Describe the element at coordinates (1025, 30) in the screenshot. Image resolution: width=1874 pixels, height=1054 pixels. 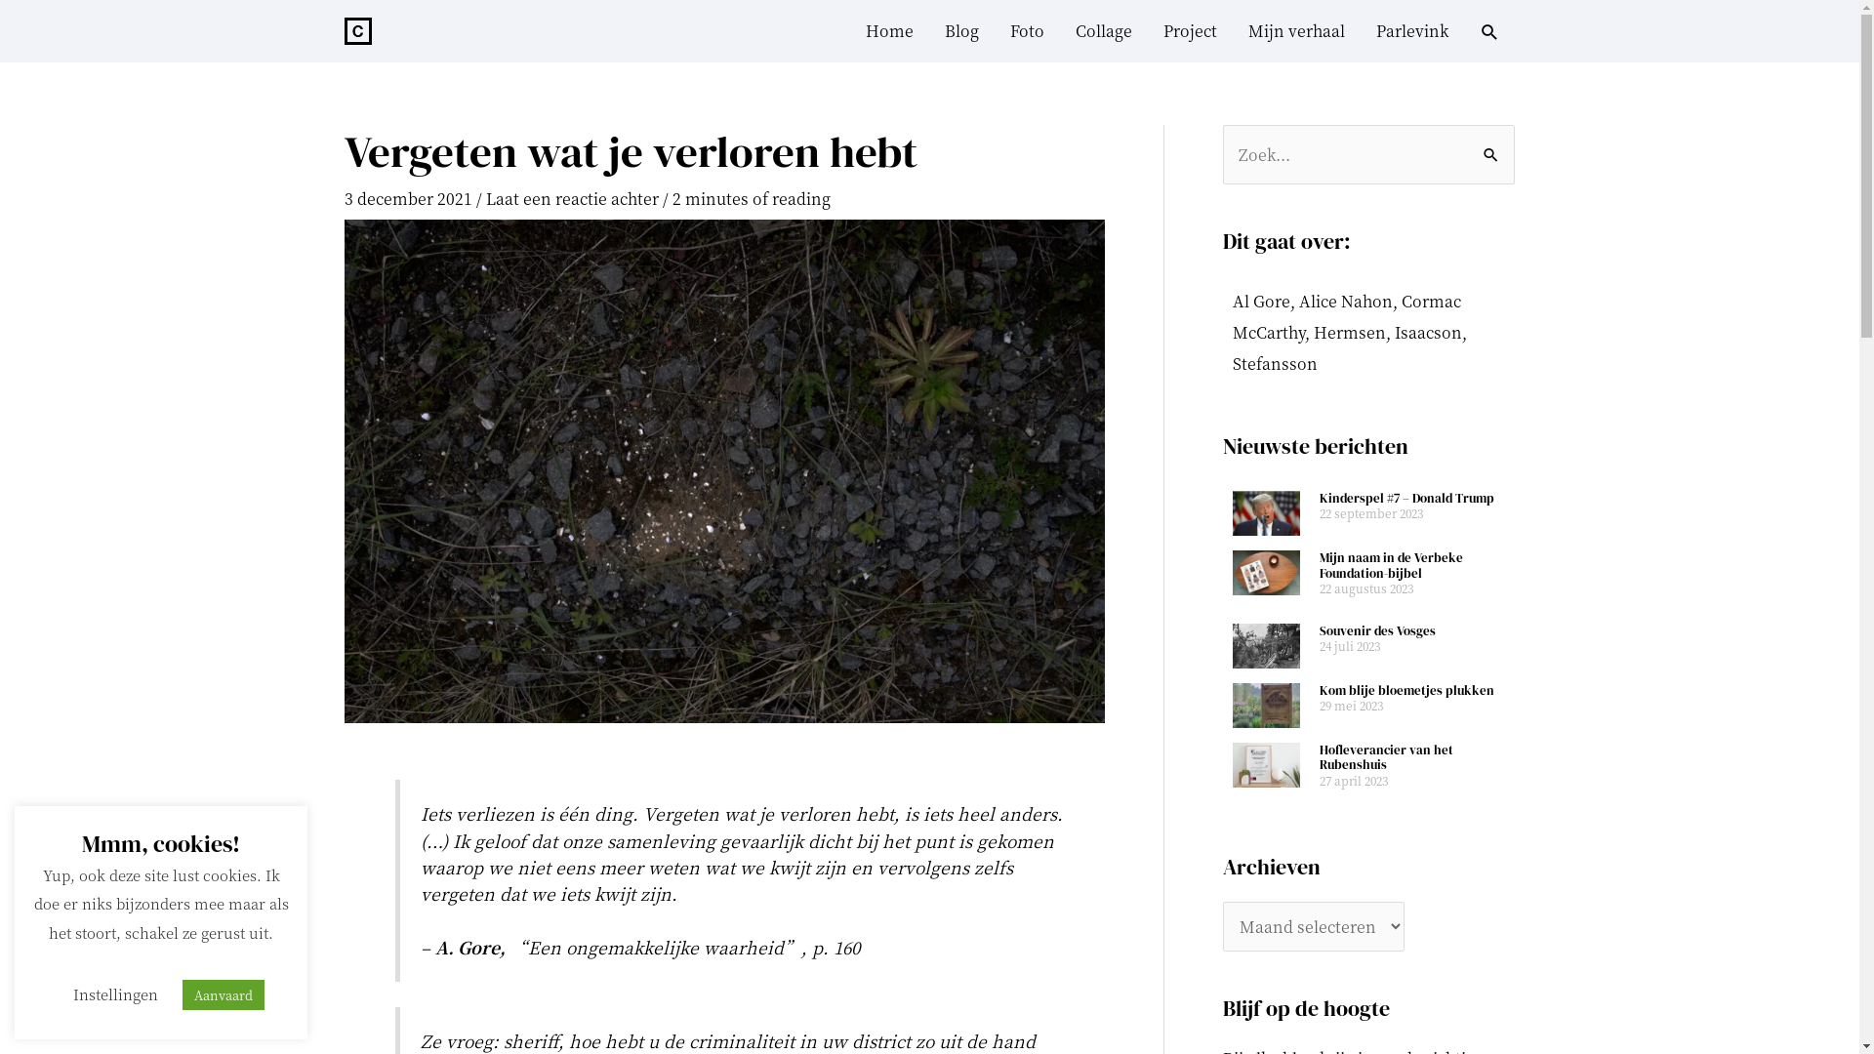
I see `'Foto'` at that location.